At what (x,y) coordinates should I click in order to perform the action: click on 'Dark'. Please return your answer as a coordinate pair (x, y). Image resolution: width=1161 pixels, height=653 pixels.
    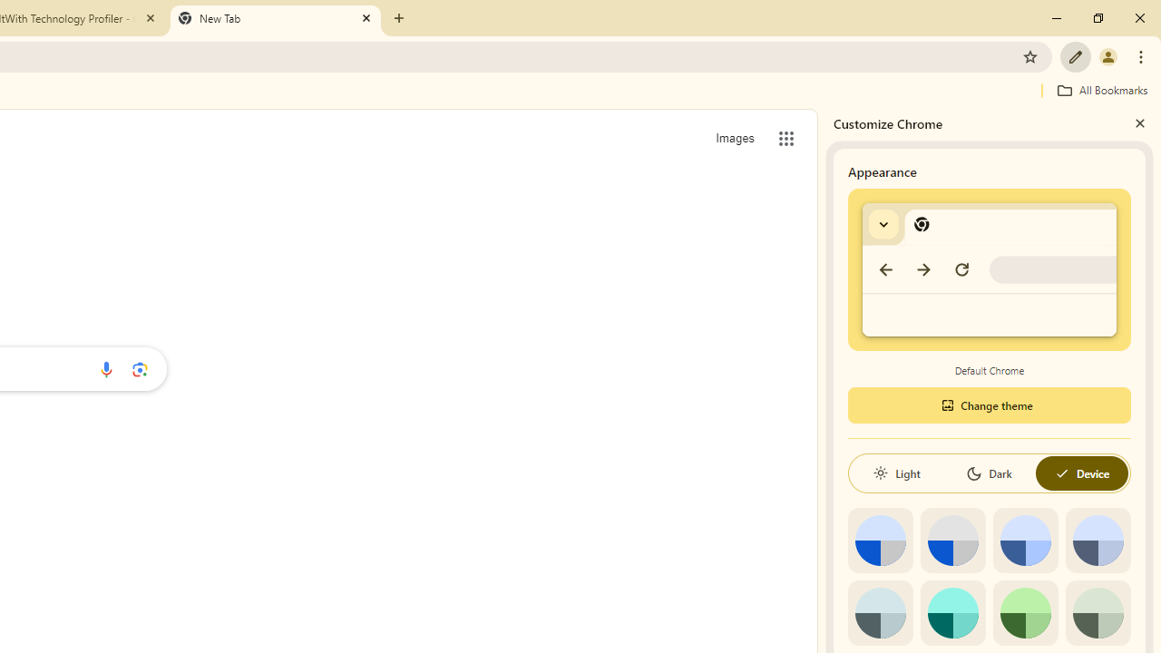
    Looking at the image, I should click on (988, 473).